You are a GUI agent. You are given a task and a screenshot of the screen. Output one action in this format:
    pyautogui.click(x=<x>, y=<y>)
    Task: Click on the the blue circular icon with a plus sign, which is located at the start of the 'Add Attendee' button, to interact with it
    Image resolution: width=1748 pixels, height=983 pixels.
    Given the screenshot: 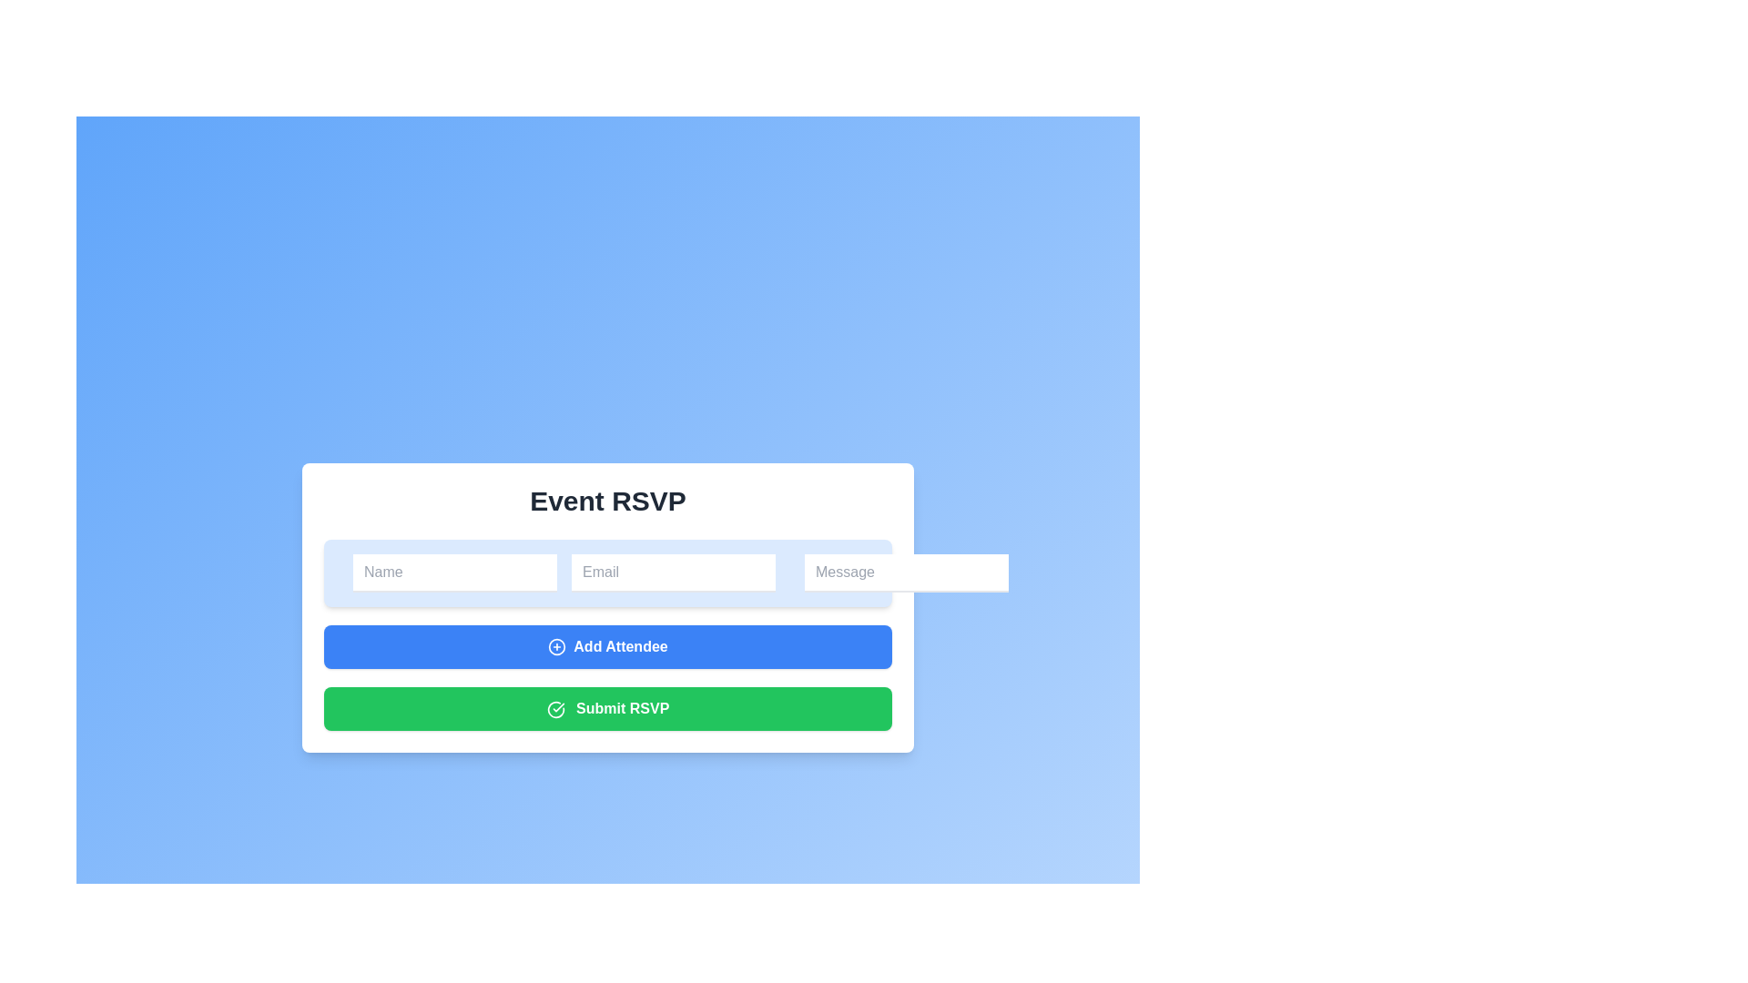 What is the action you would take?
    pyautogui.click(x=556, y=645)
    